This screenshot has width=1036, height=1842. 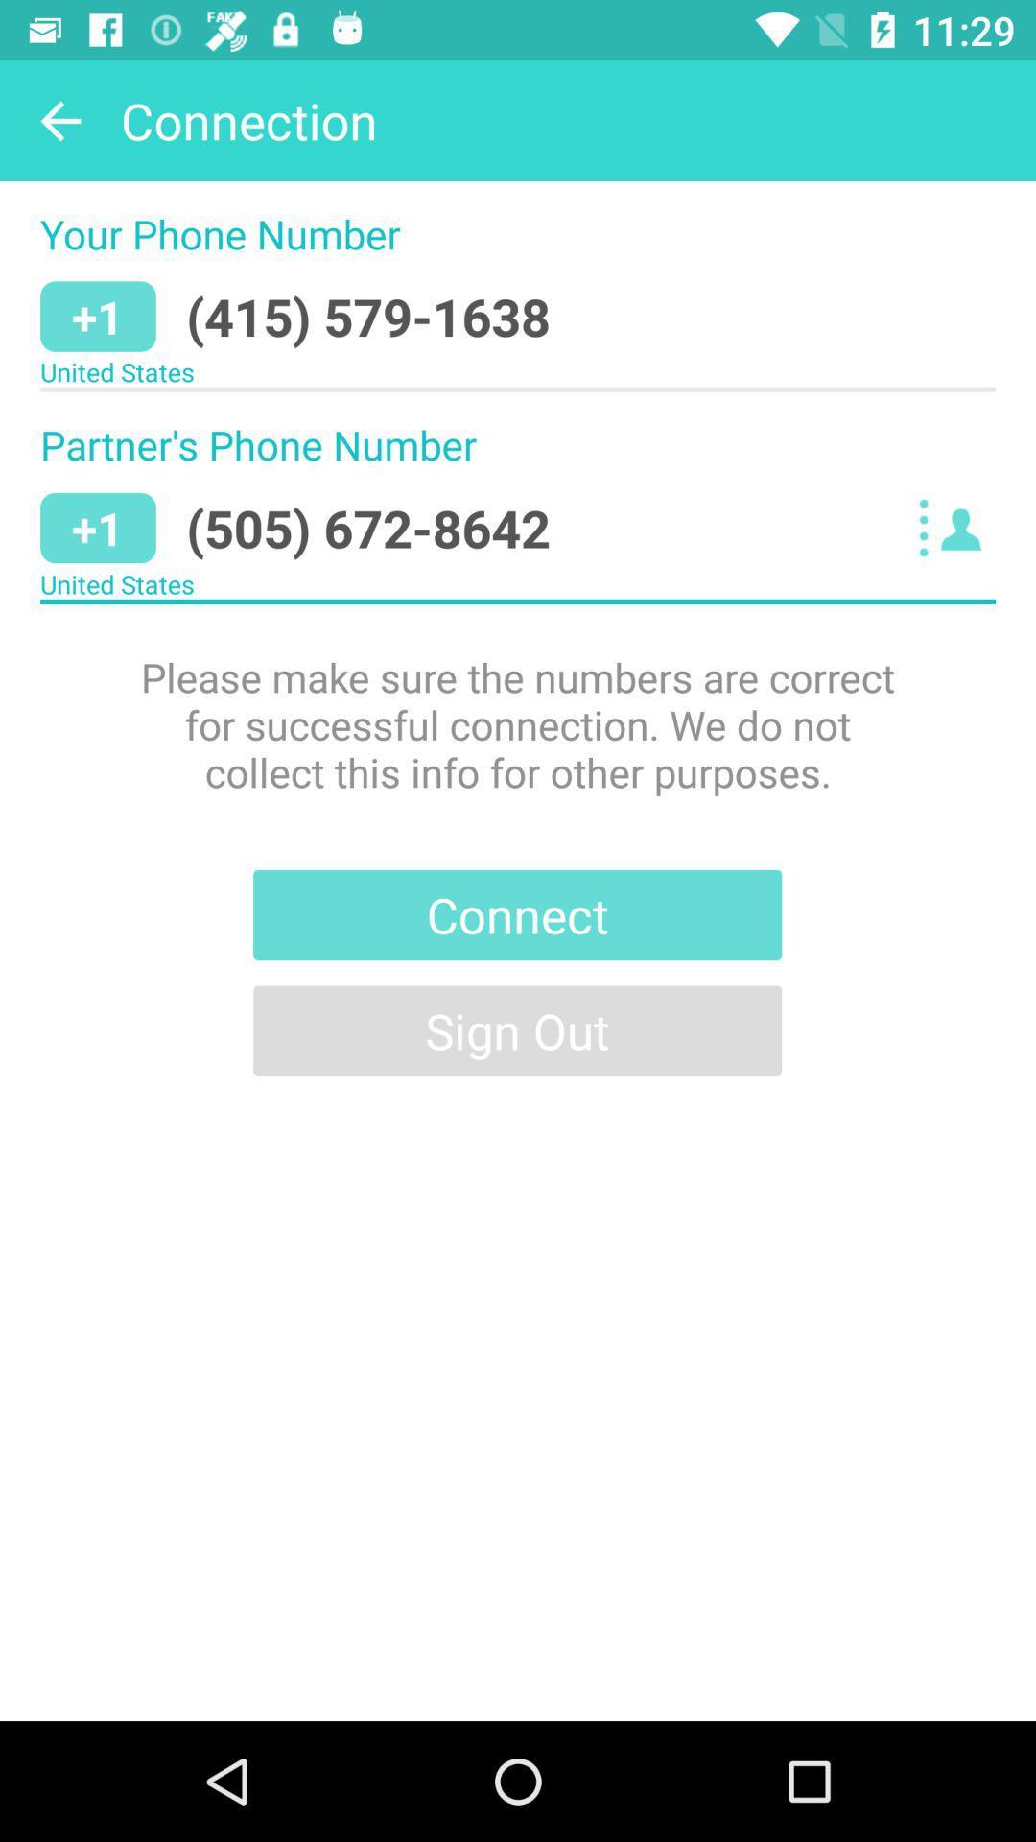 I want to click on icon to the right of (505) 672-8642 icon, so click(x=954, y=528).